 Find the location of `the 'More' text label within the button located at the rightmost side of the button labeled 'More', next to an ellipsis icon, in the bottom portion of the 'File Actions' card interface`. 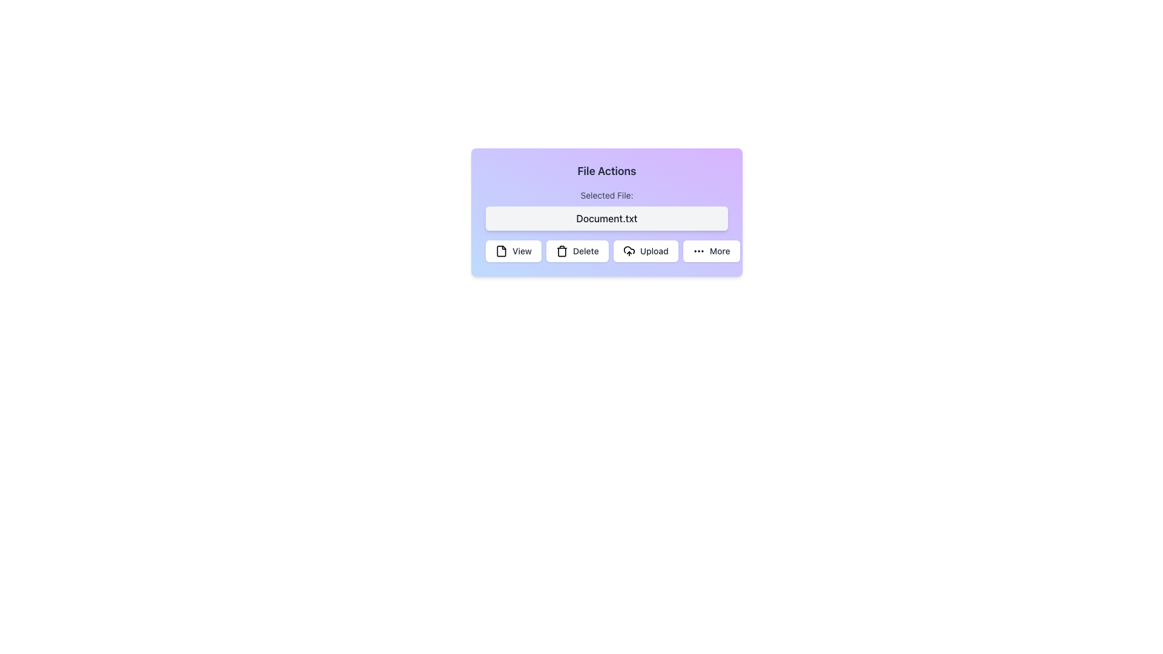

the 'More' text label within the button located at the rightmost side of the button labeled 'More', next to an ellipsis icon, in the bottom portion of the 'File Actions' card interface is located at coordinates (720, 251).